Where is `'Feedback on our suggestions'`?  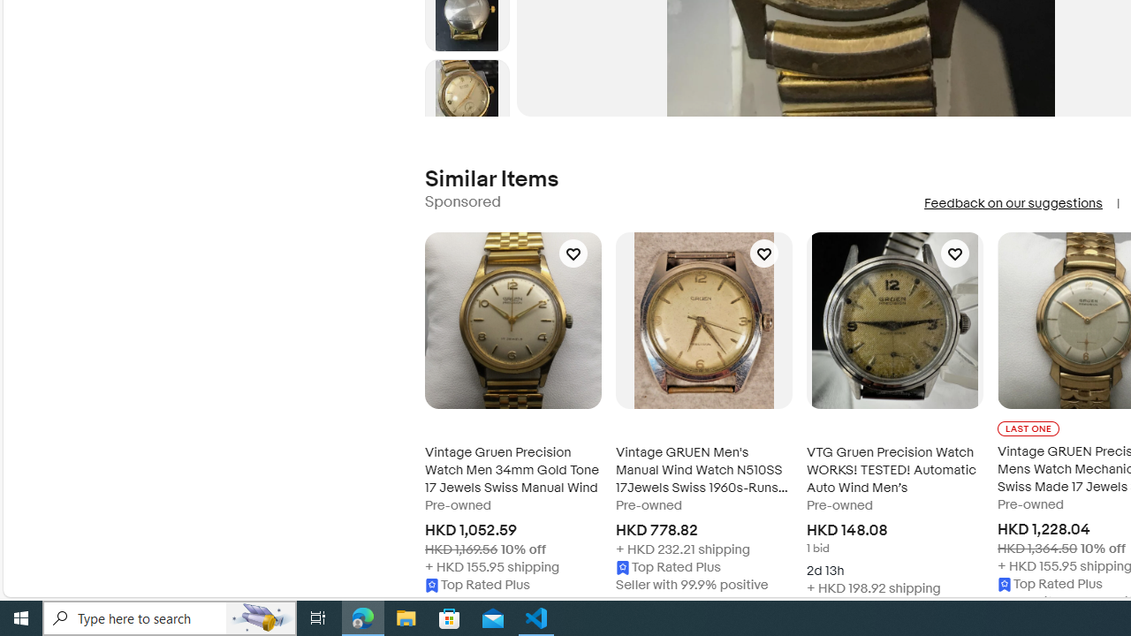
'Feedback on our suggestions' is located at coordinates (1013, 202).